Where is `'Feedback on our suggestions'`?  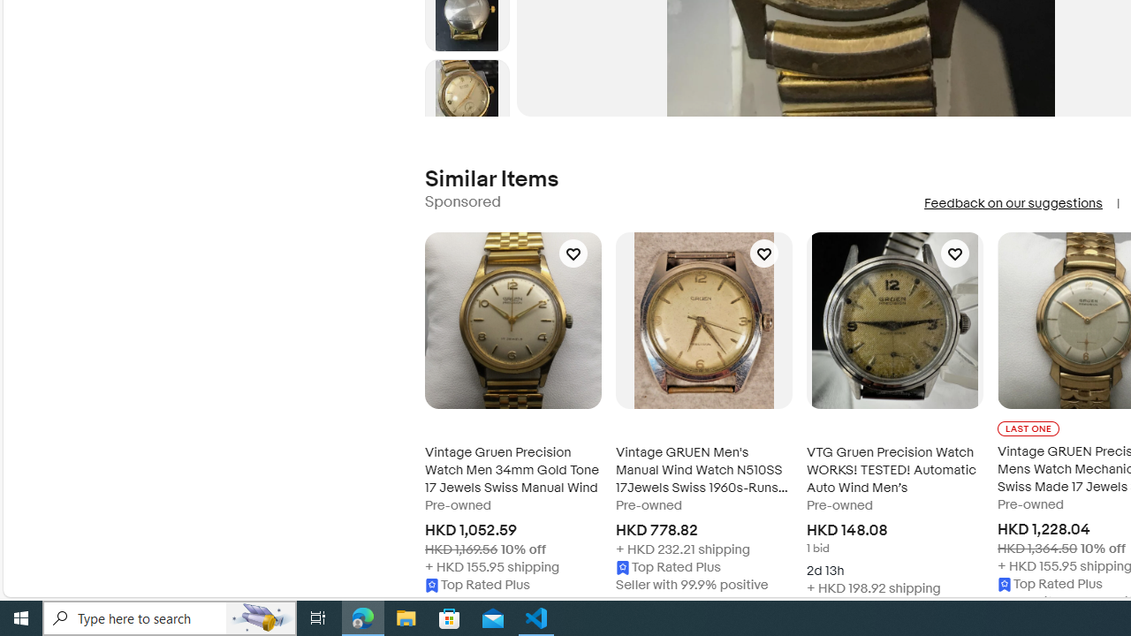
'Feedback on our suggestions' is located at coordinates (1013, 202).